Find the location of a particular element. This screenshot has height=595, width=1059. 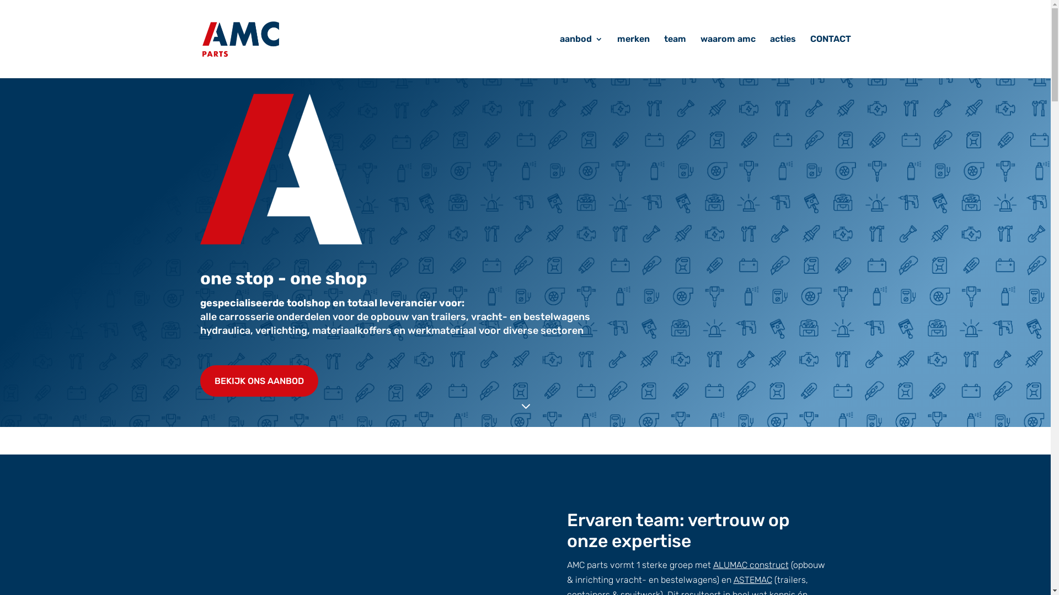

'team' is located at coordinates (675, 57).